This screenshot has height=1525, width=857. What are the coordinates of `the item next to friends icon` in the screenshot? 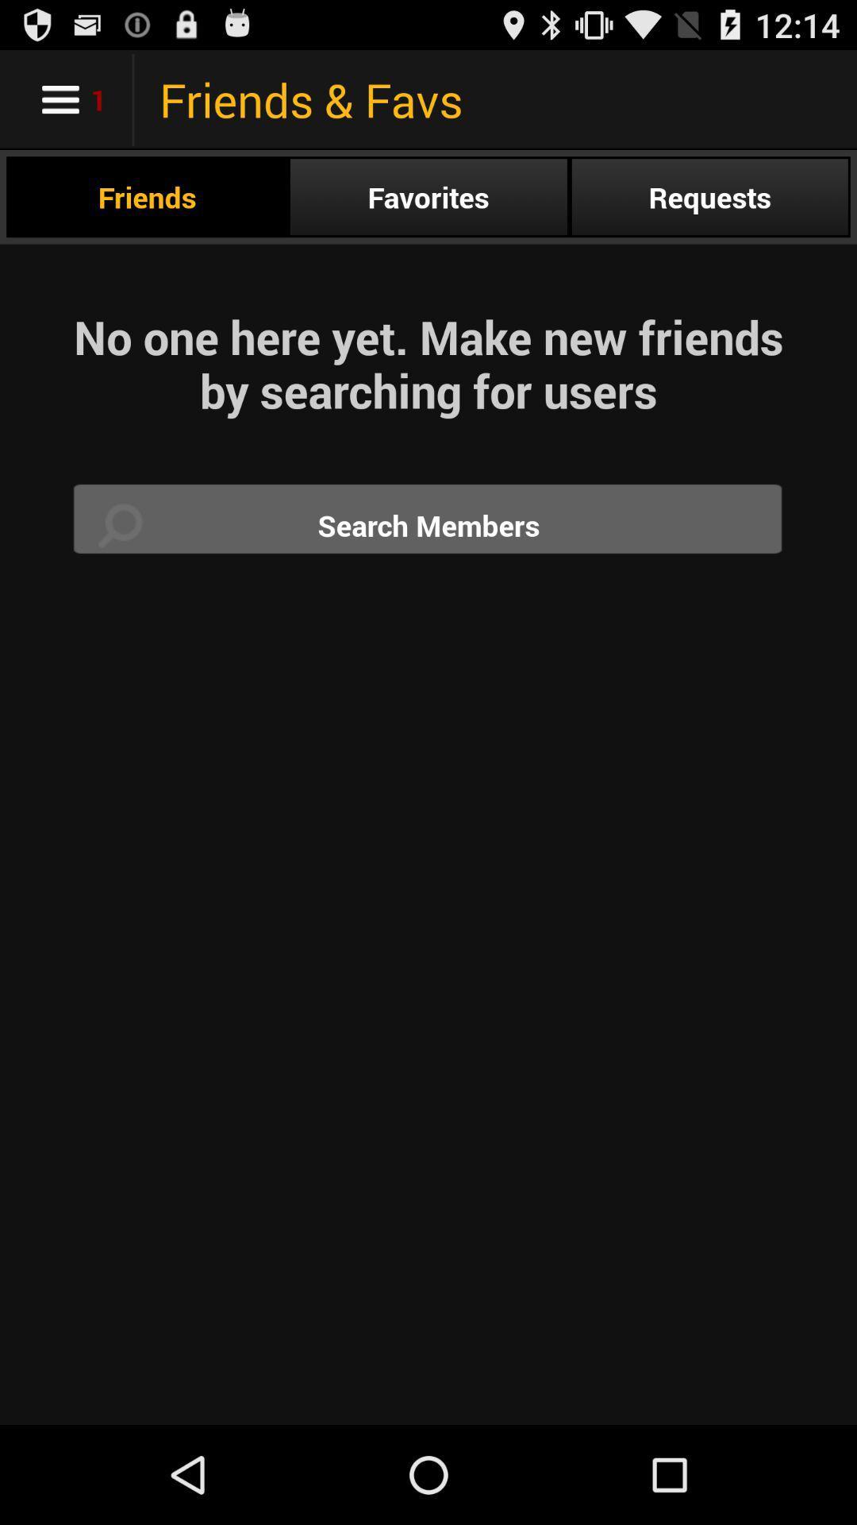 It's located at (428, 196).